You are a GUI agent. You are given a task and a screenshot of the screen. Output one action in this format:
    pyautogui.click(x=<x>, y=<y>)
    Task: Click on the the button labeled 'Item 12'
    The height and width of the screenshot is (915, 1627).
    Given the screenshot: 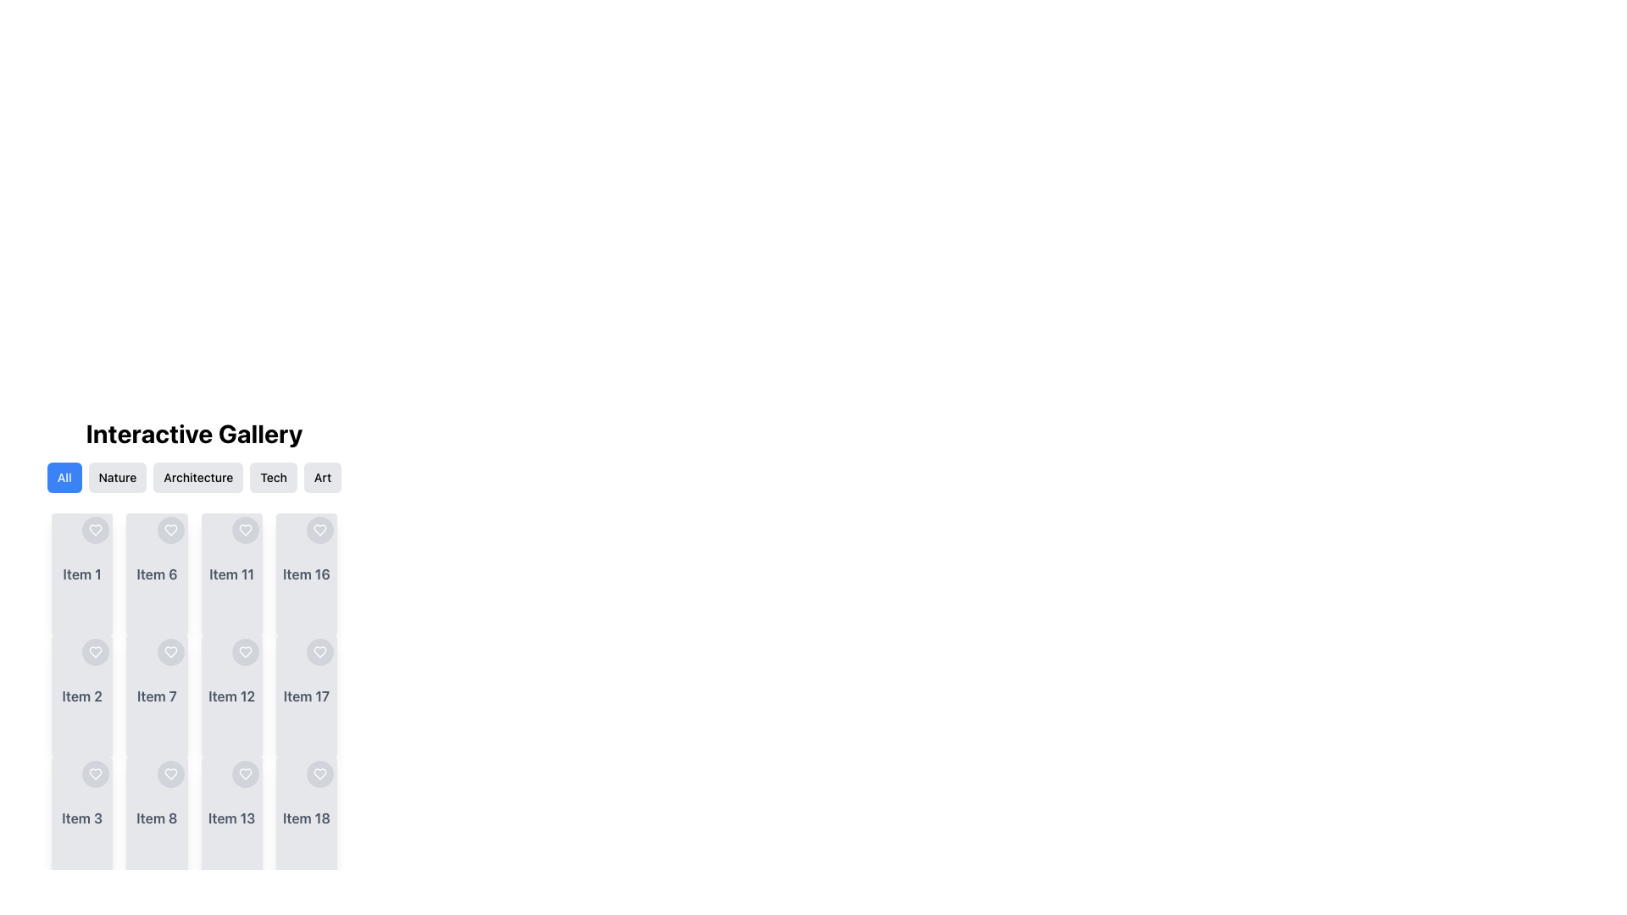 What is the action you would take?
    pyautogui.click(x=238, y=696)
    